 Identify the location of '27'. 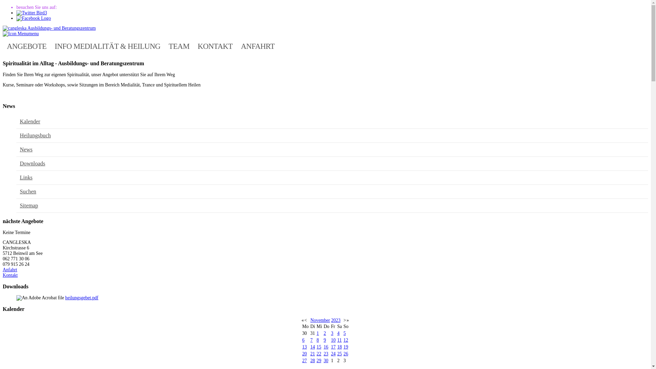
(304, 360).